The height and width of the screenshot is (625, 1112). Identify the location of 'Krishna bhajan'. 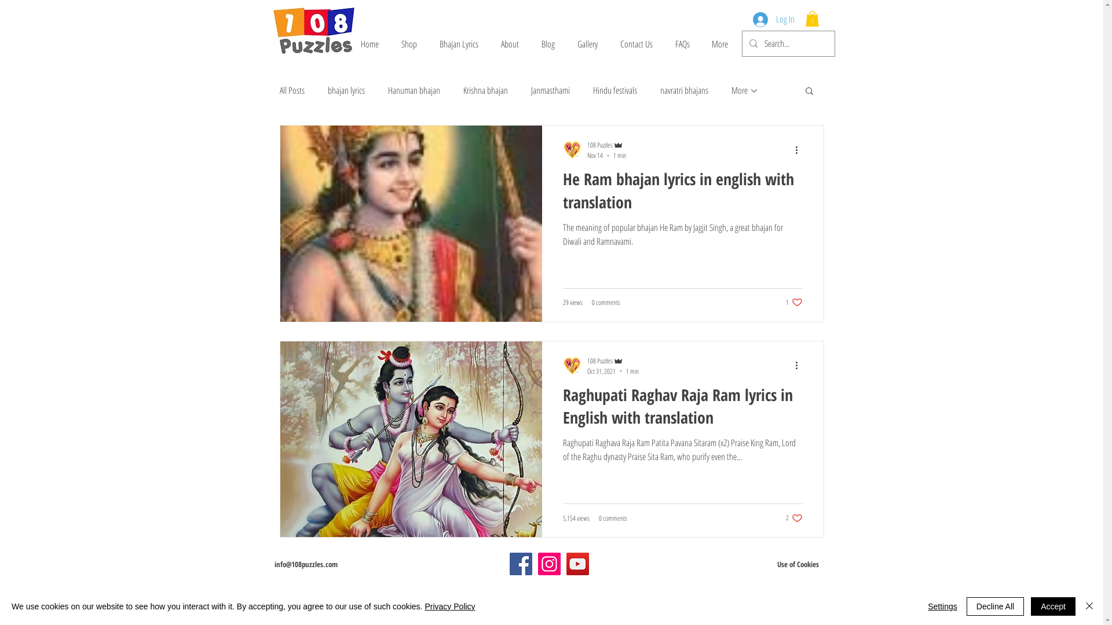
(485, 89).